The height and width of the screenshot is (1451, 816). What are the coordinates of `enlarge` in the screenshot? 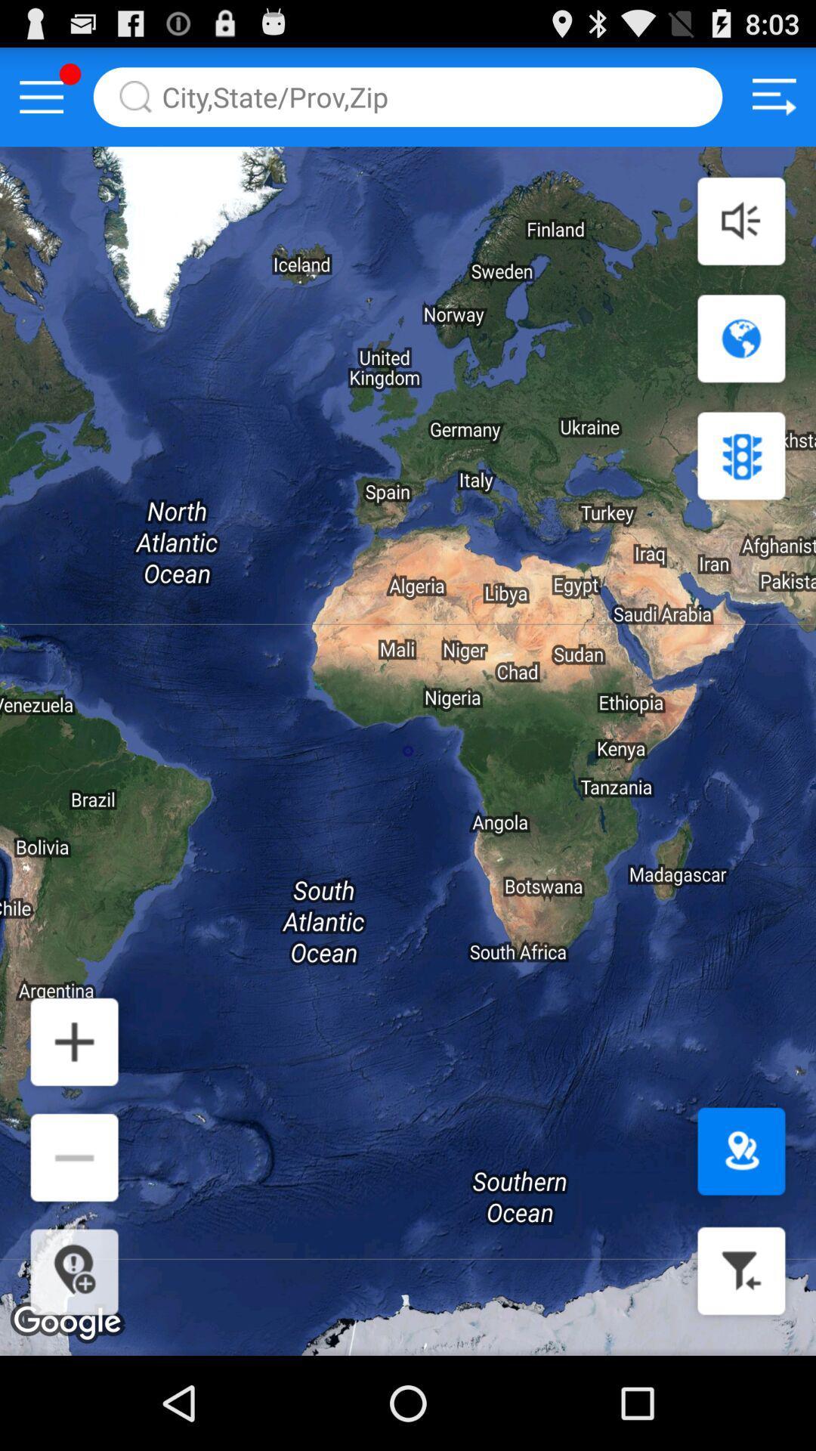 It's located at (74, 1041).